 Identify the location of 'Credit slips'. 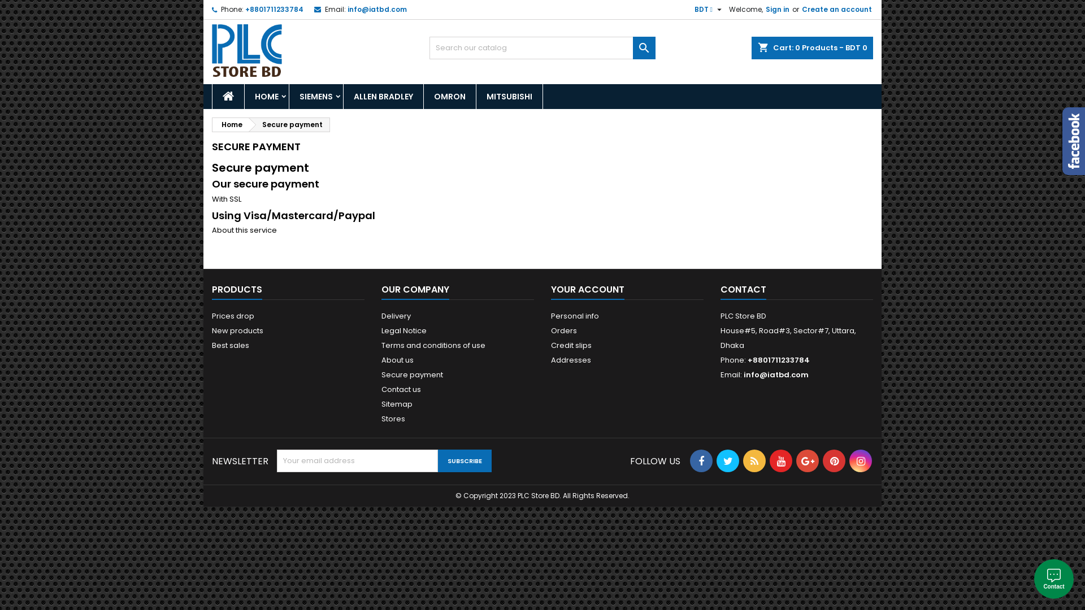
(571, 345).